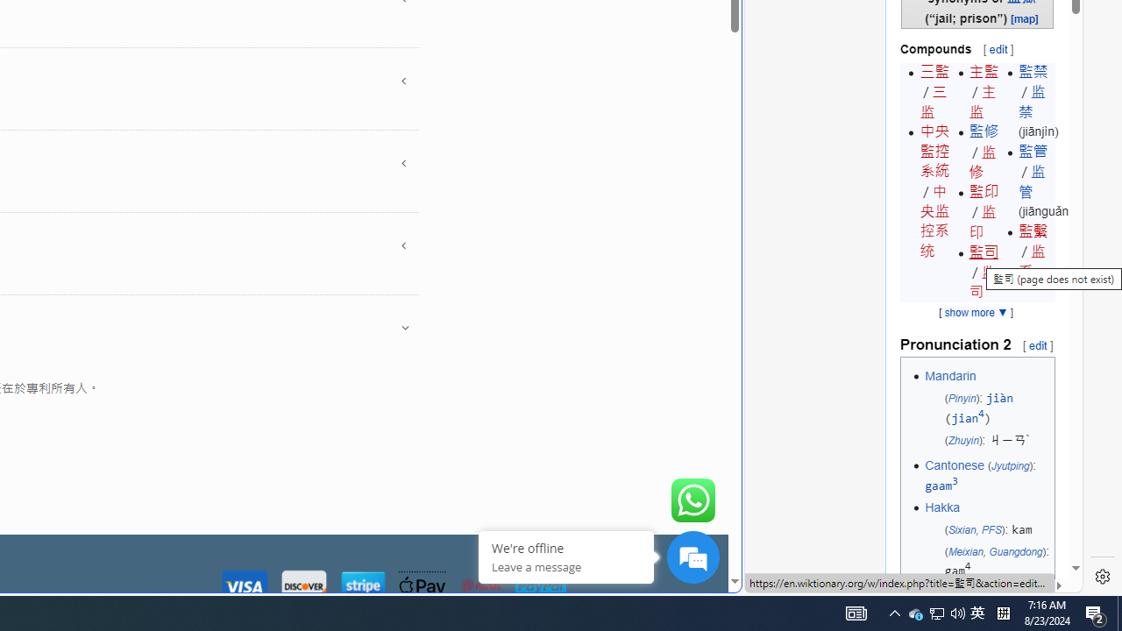 This screenshot has height=631, width=1122. What do you see at coordinates (987, 538) in the screenshot?
I see `'Hakka(Sixian, PFS): kam(Meixian, Guangdong): gam4'` at bounding box center [987, 538].